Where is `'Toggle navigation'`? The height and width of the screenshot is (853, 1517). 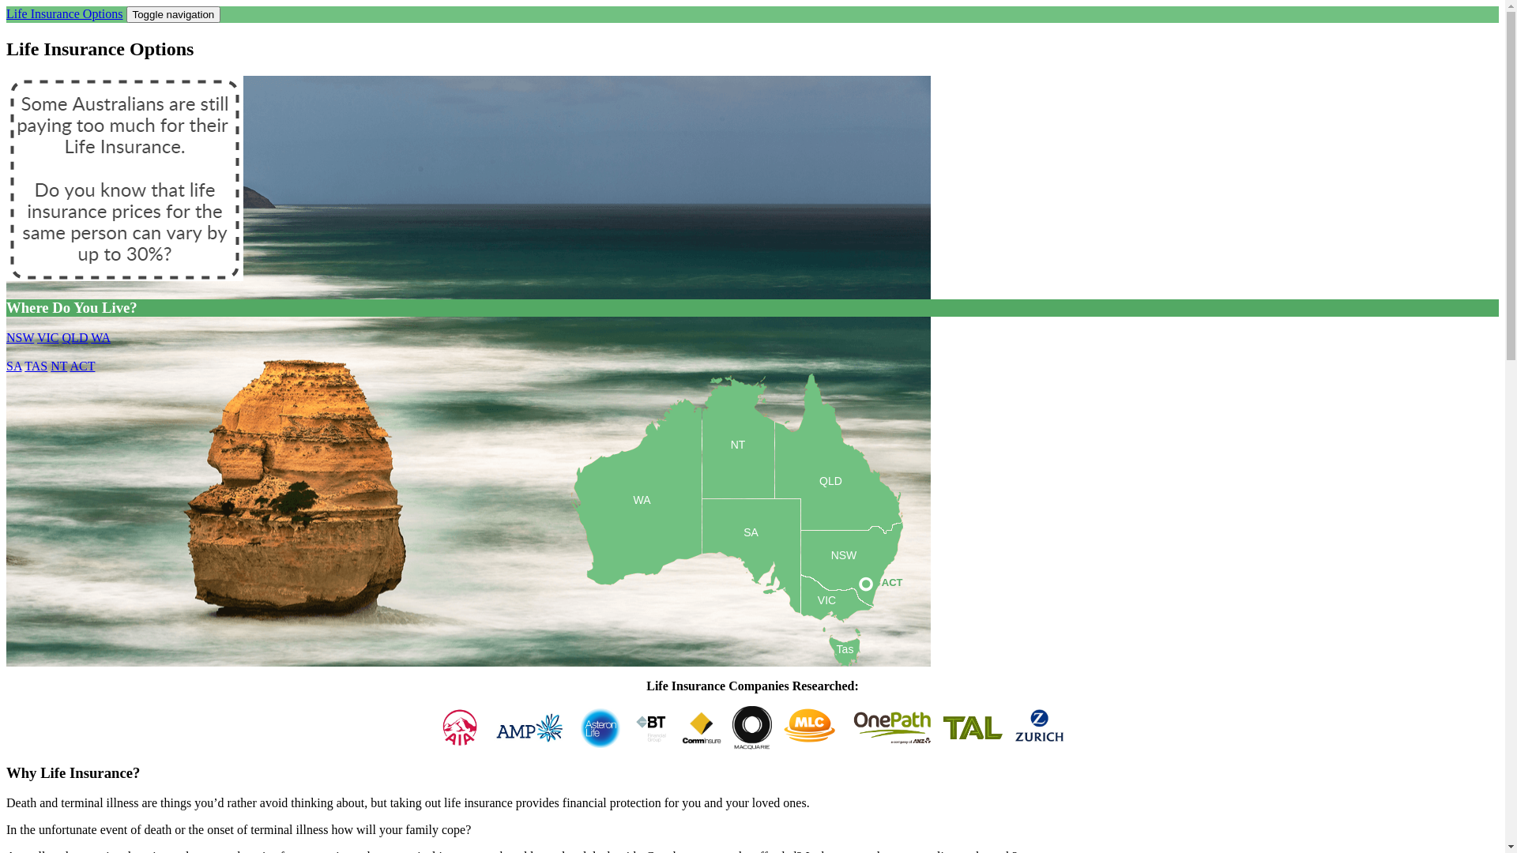 'Toggle navigation' is located at coordinates (174, 14).